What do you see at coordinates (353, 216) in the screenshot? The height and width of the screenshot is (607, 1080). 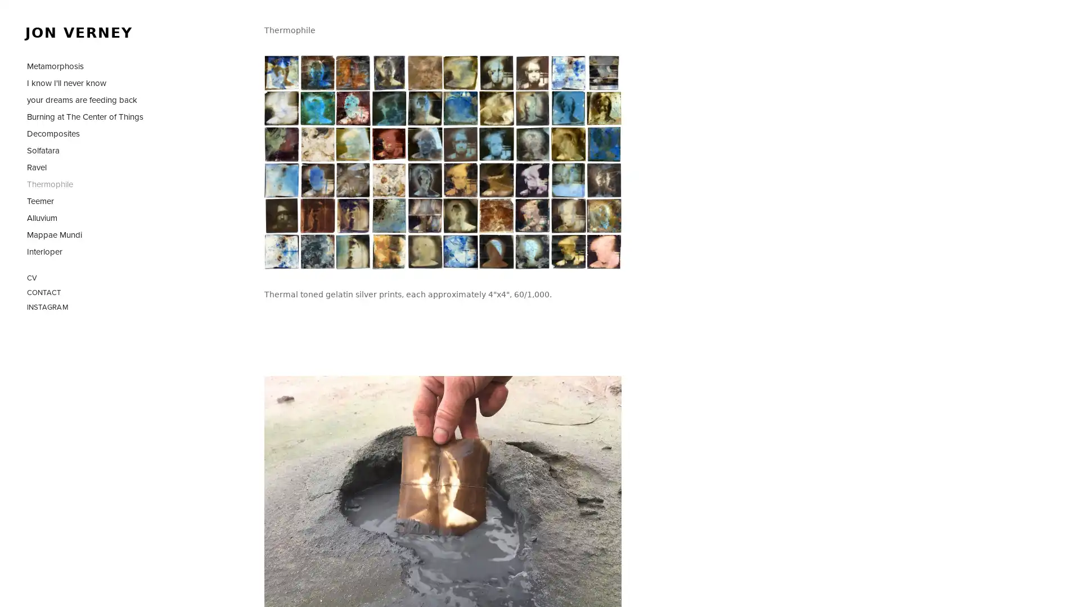 I see `View fullsize jon_verney_thermophile_26.jpg` at bounding box center [353, 216].